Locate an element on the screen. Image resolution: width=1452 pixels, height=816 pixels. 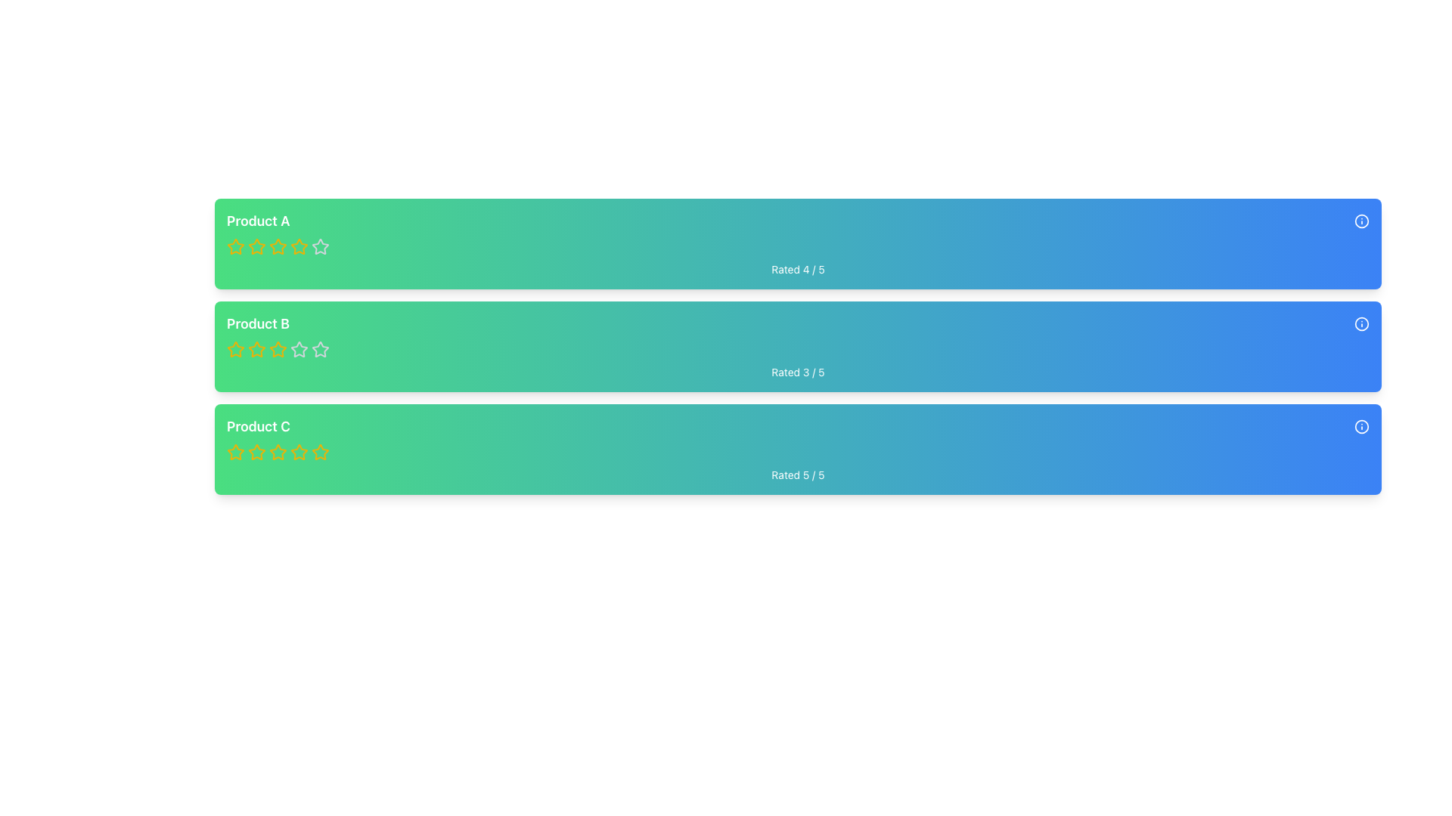
the text label displaying 'Product C', which is prominently located at the far left of its section with a green to blue gradient background is located at coordinates (258, 426).